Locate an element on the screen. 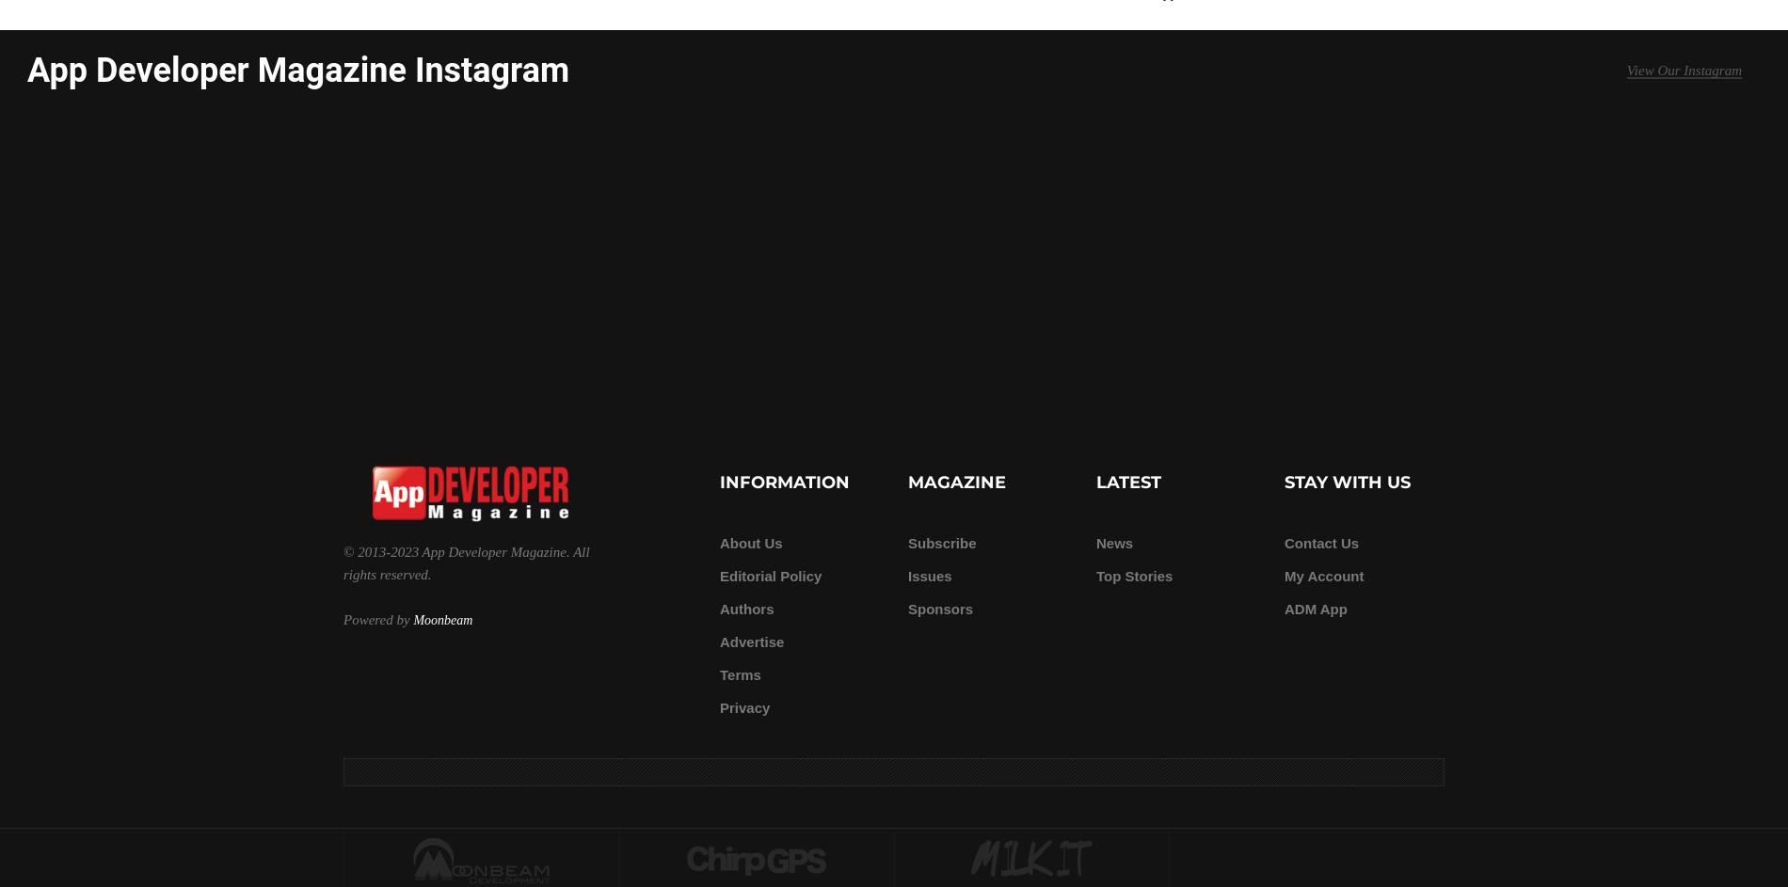 Image resolution: width=1788 pixels, height=887 pixels. 'News' is located at coordinates (1114, 542).